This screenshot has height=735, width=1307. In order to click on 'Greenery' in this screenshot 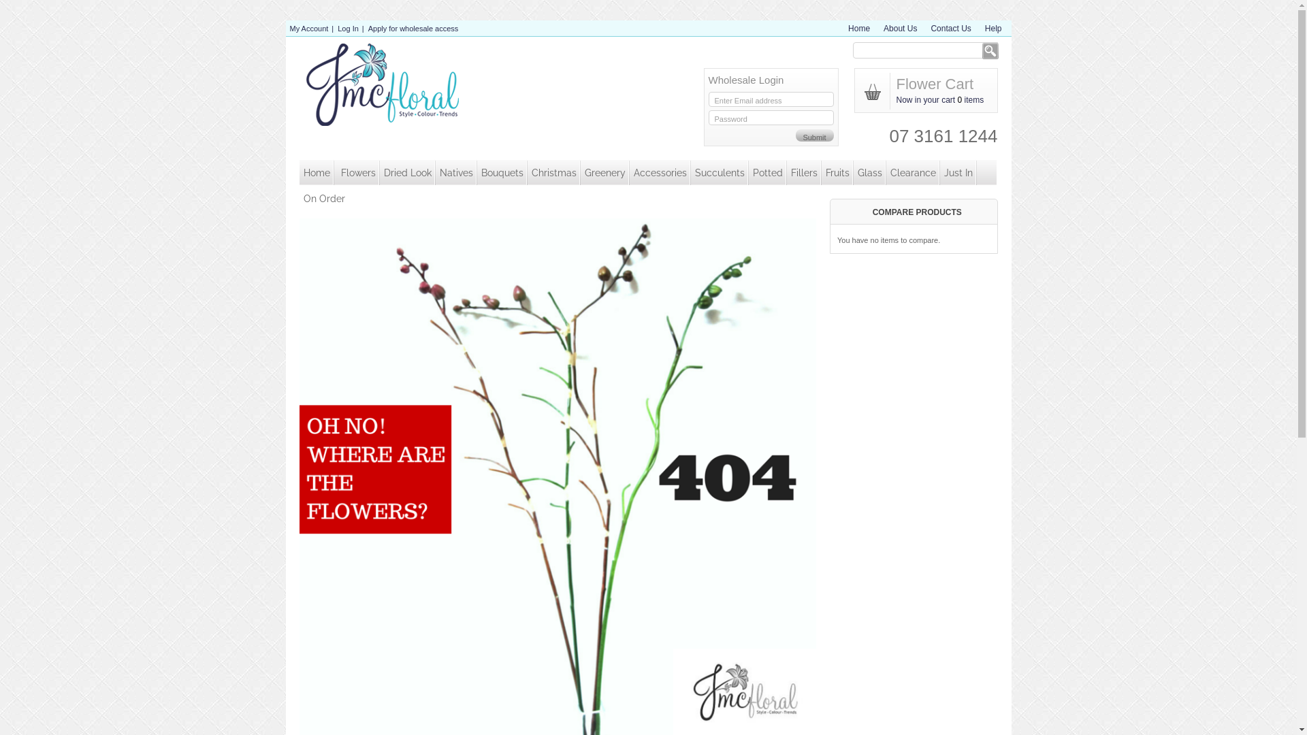, I will do `click(604, 172)`.